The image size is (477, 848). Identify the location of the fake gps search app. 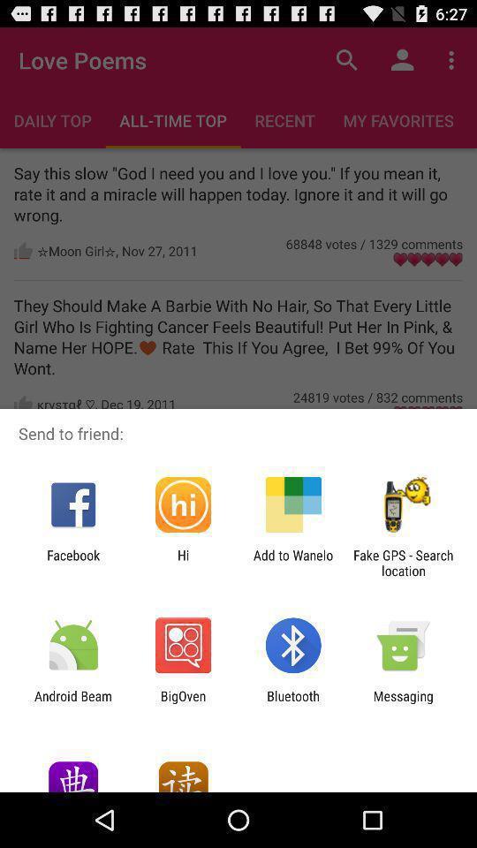
(403, 562).